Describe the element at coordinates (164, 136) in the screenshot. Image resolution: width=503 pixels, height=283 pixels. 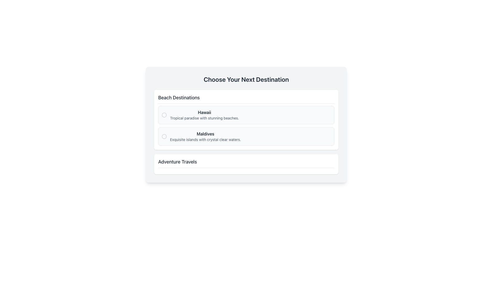
I see `the circular radio button indicator located before the text 'Maldives'` at that location.